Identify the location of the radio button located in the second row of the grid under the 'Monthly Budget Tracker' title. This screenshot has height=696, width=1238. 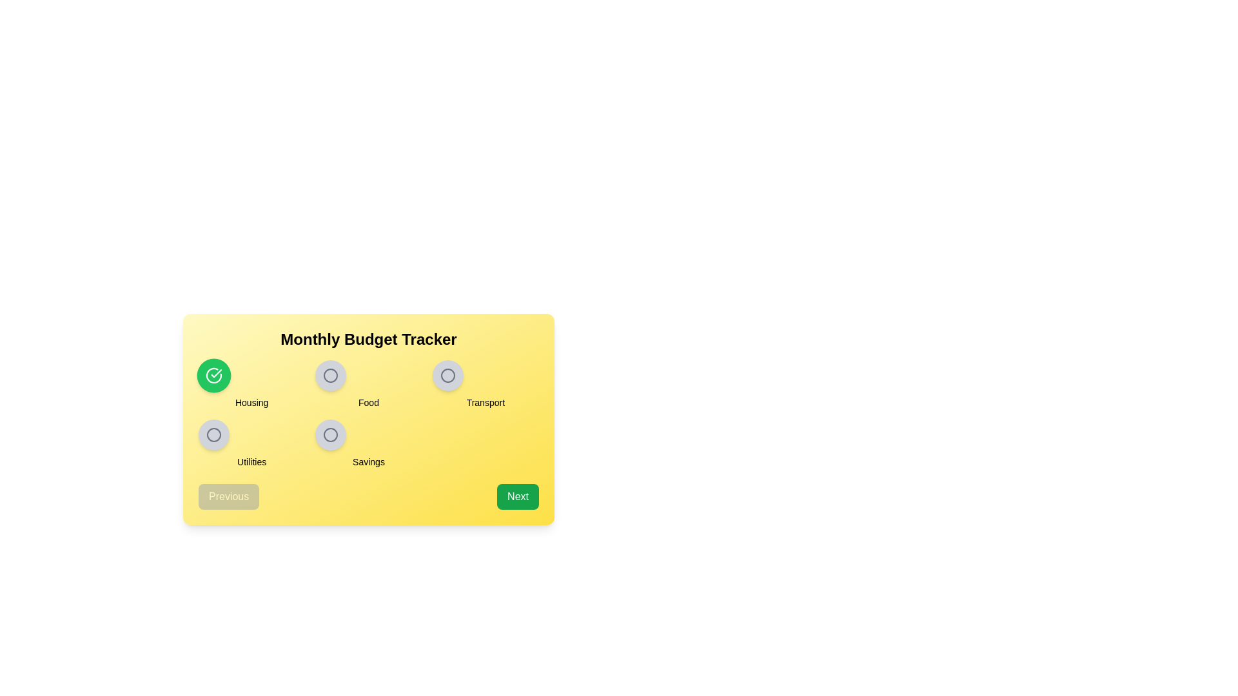
(331, 375).